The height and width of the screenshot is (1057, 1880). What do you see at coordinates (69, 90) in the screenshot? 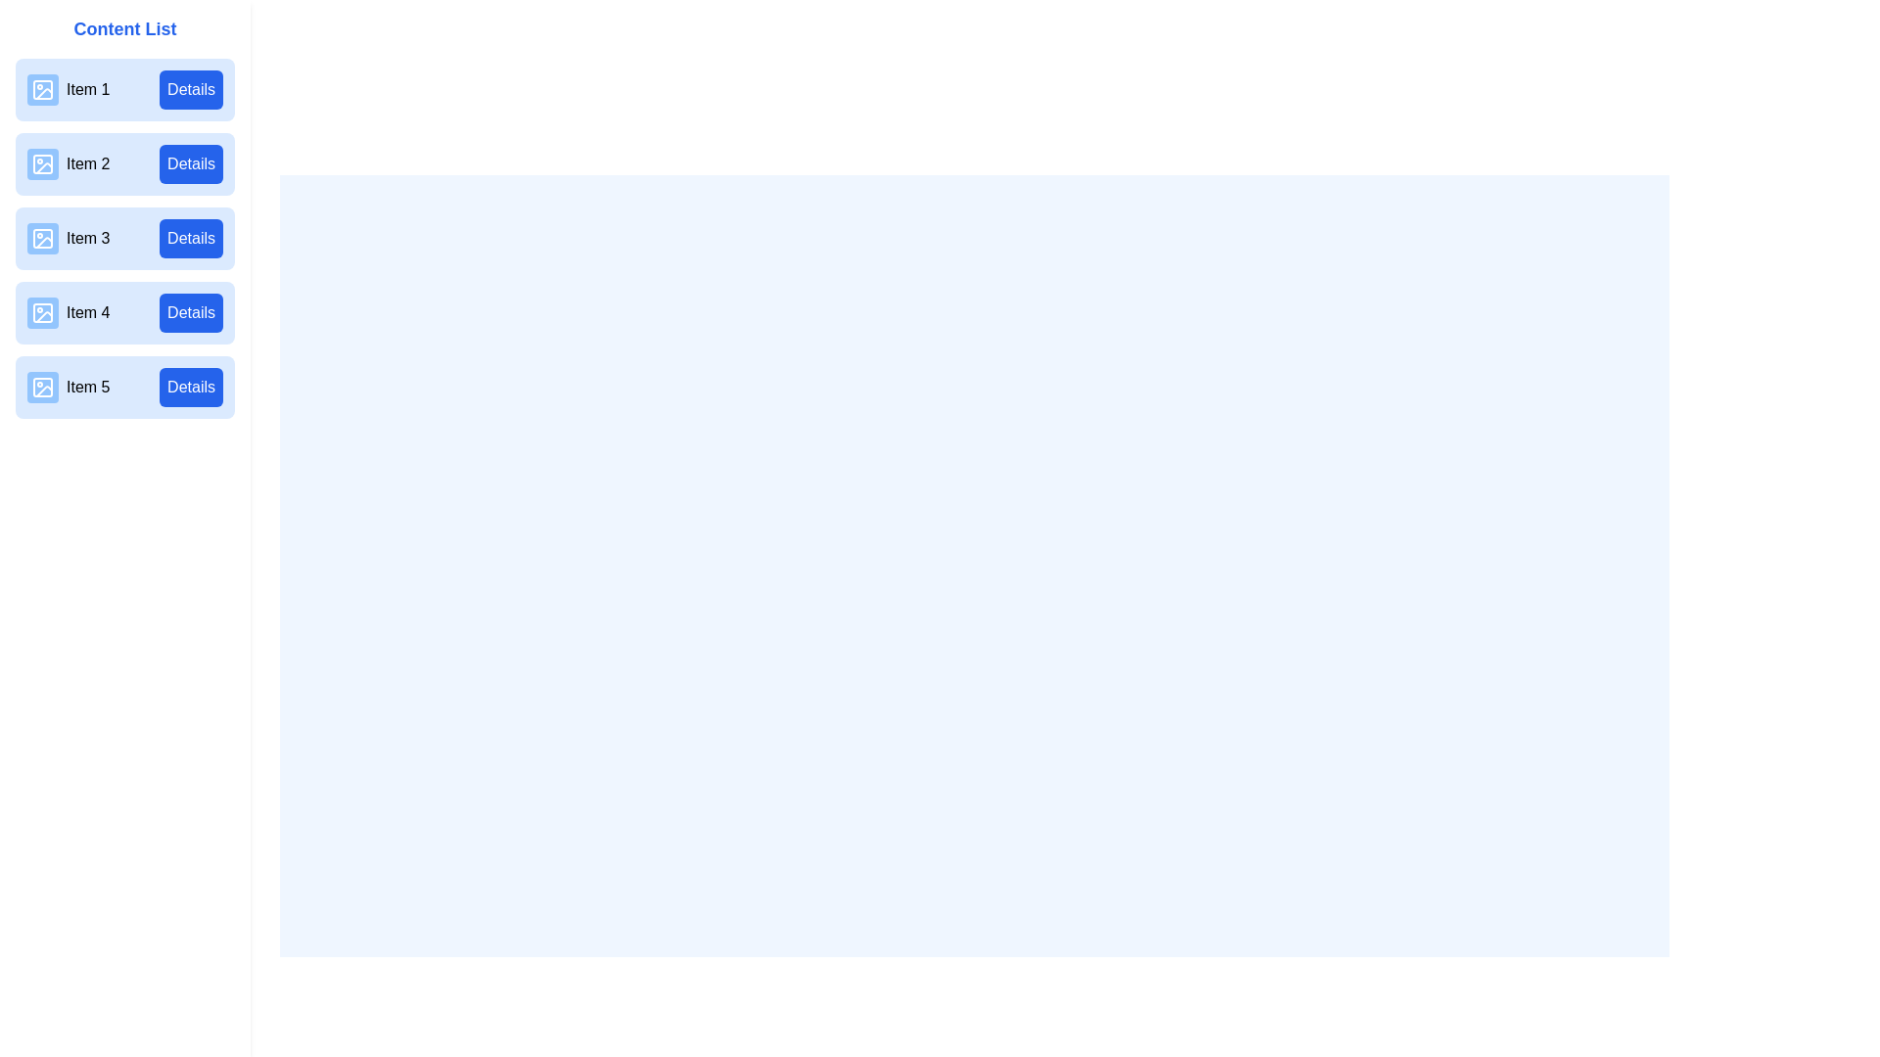
I see `the text label displaying 'Item 1', which serves as an identifier for the content represented by the card, located in the top-left corner of the layout` at bounding box center [69, 90].